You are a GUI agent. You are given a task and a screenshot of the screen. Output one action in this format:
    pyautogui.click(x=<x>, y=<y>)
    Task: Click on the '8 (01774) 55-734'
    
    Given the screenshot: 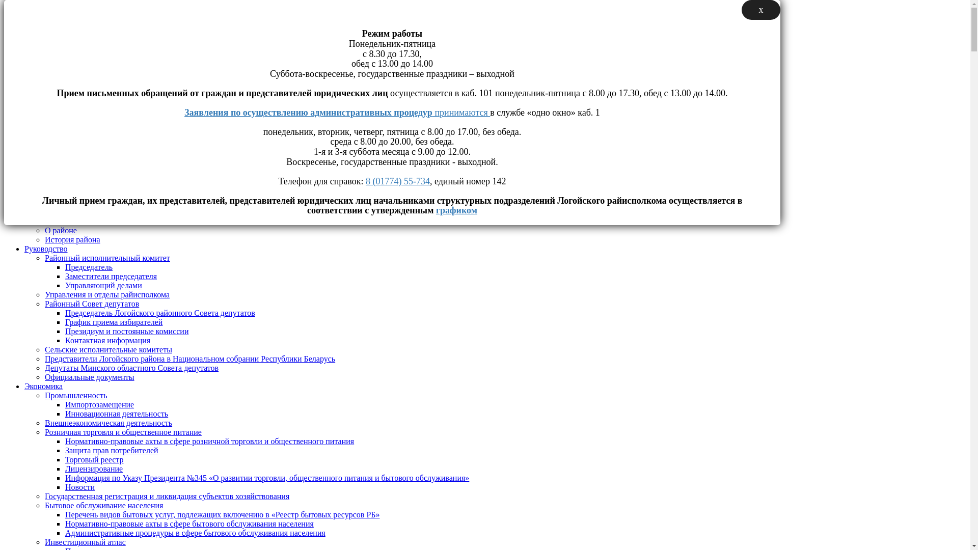 What is the action you would take?
    pyautogui.click(x=366, y=180)
    